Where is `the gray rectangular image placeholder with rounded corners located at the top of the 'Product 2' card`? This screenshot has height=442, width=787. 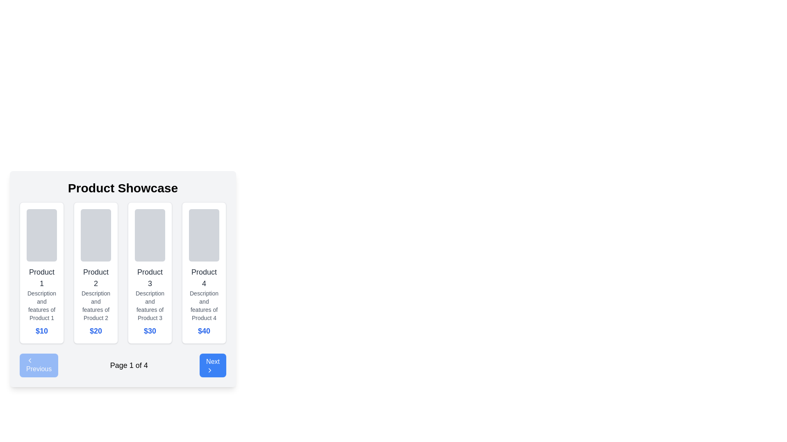 the gray rectangular image placeholder with rounded corners located at the top of the 'Product 2' card is located at coordinates (96, 235).